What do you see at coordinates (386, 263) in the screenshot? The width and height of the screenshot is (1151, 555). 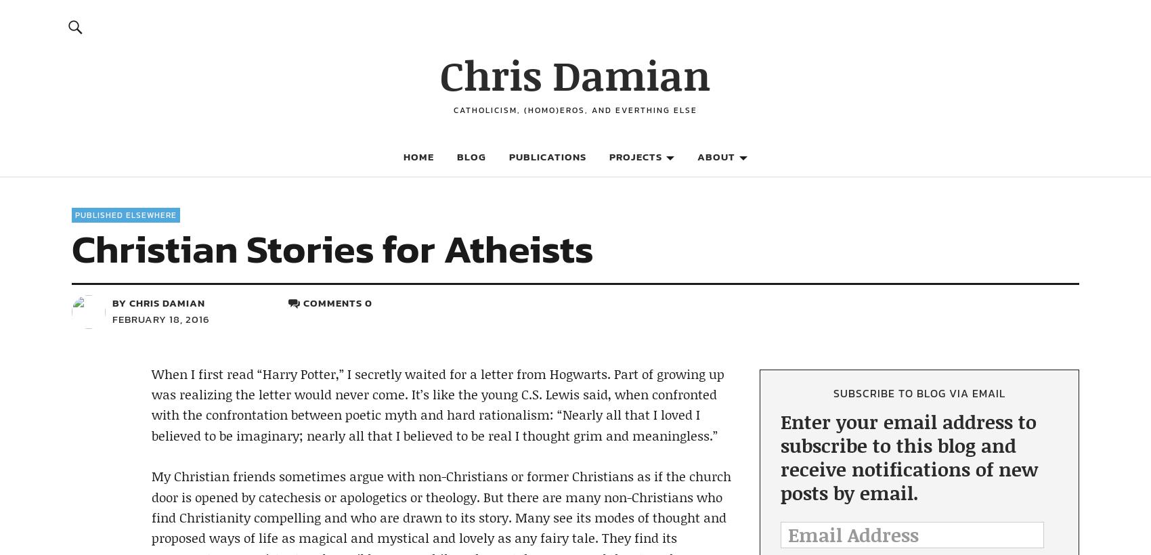 I see `'Tumblr'` at bounding box center [386, 263].